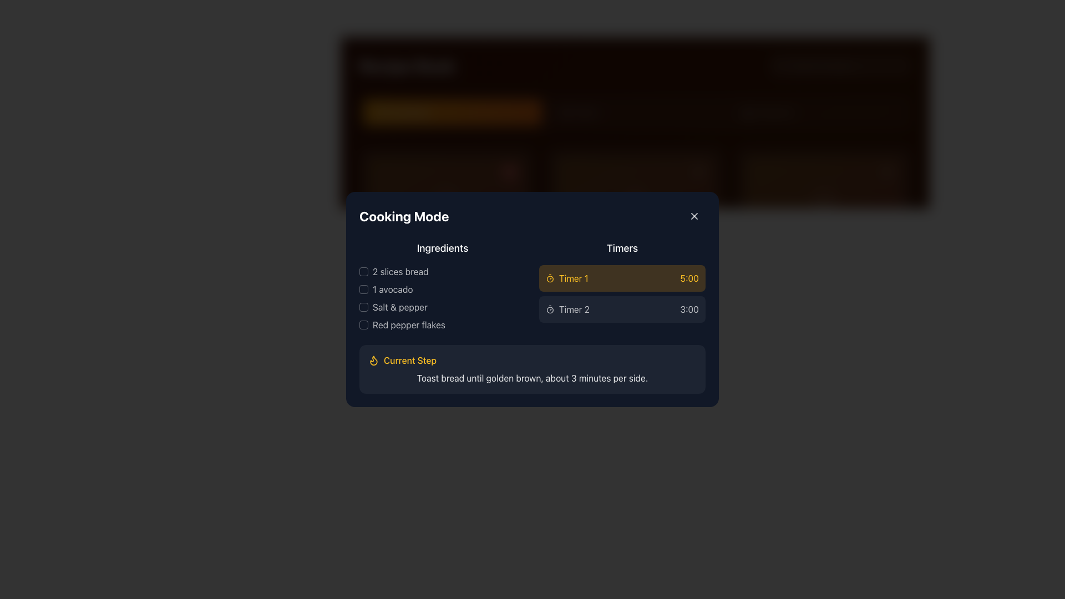 Image resolution: width=1065 pixels, height=599 pixels. Describe the element at coordinates (574, 309) in the screenshot. I see `the 'Timer 2' label within the Timers section of the modal dialog` at that location.